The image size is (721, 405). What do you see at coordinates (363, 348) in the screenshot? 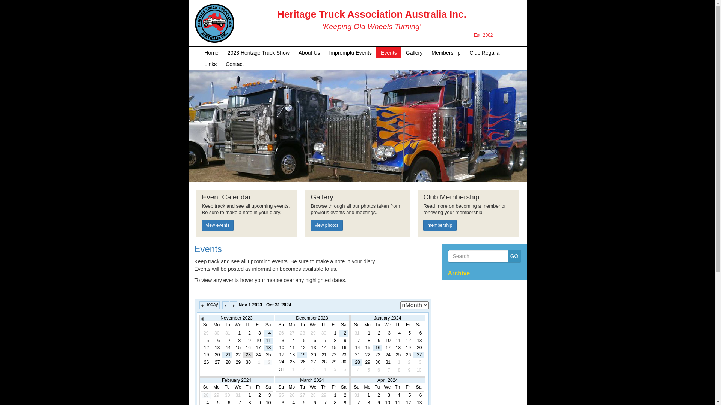
I see `'15'` at bounding box center [363, 348].